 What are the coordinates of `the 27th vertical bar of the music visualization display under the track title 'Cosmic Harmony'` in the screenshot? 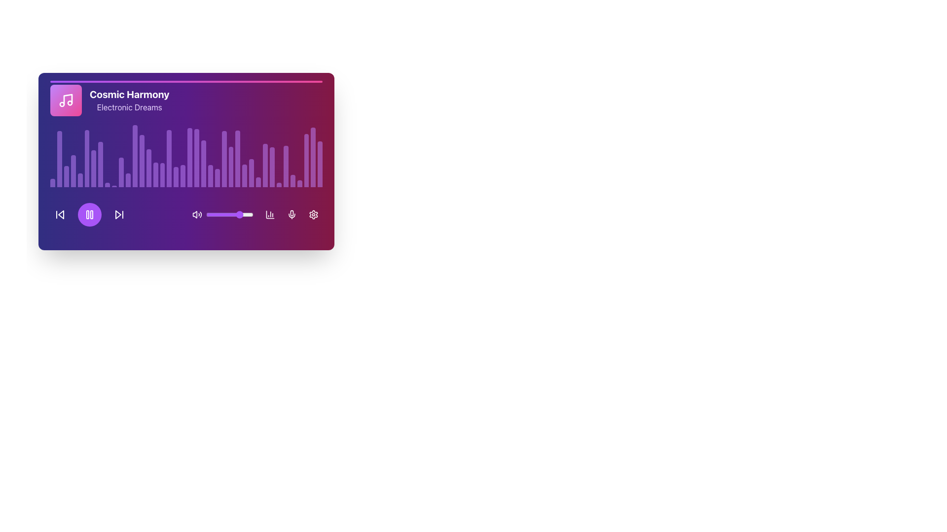 It's located at (230, 166).